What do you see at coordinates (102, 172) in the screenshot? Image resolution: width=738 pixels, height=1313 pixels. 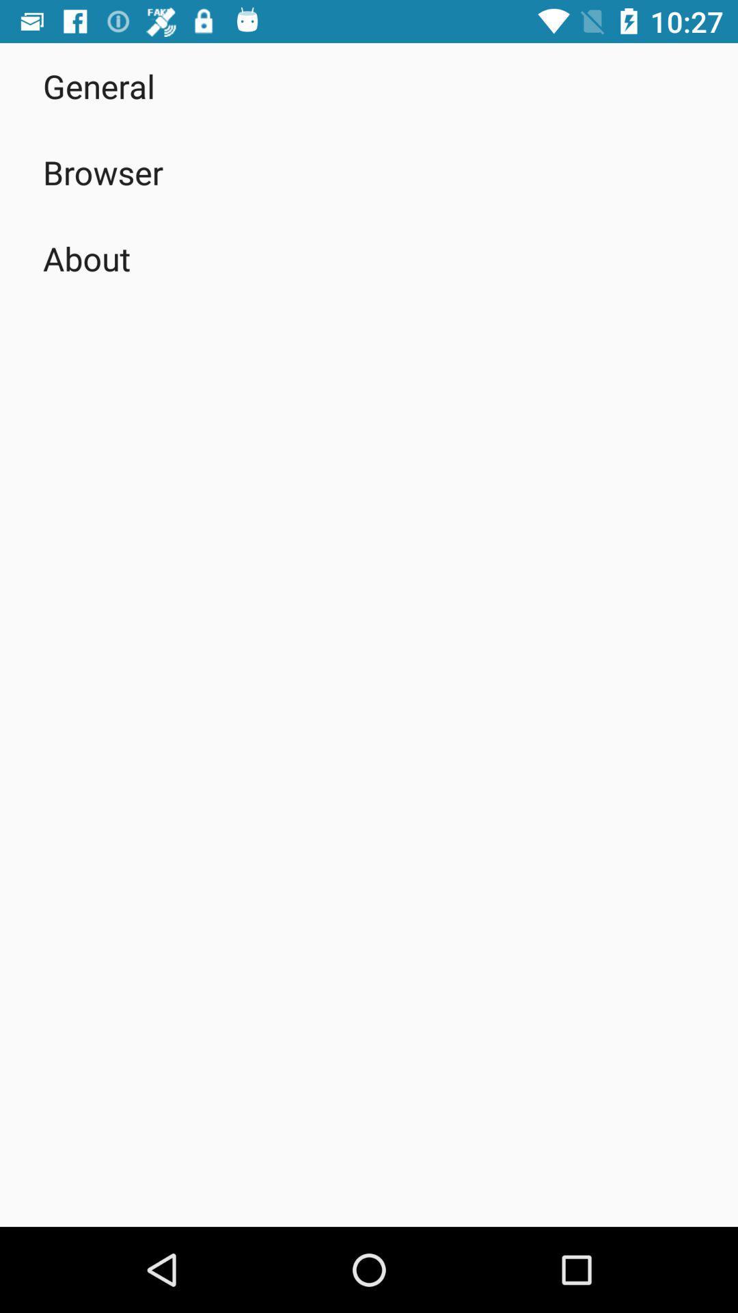 I see `the browser app` at bounding box center [102, 172].